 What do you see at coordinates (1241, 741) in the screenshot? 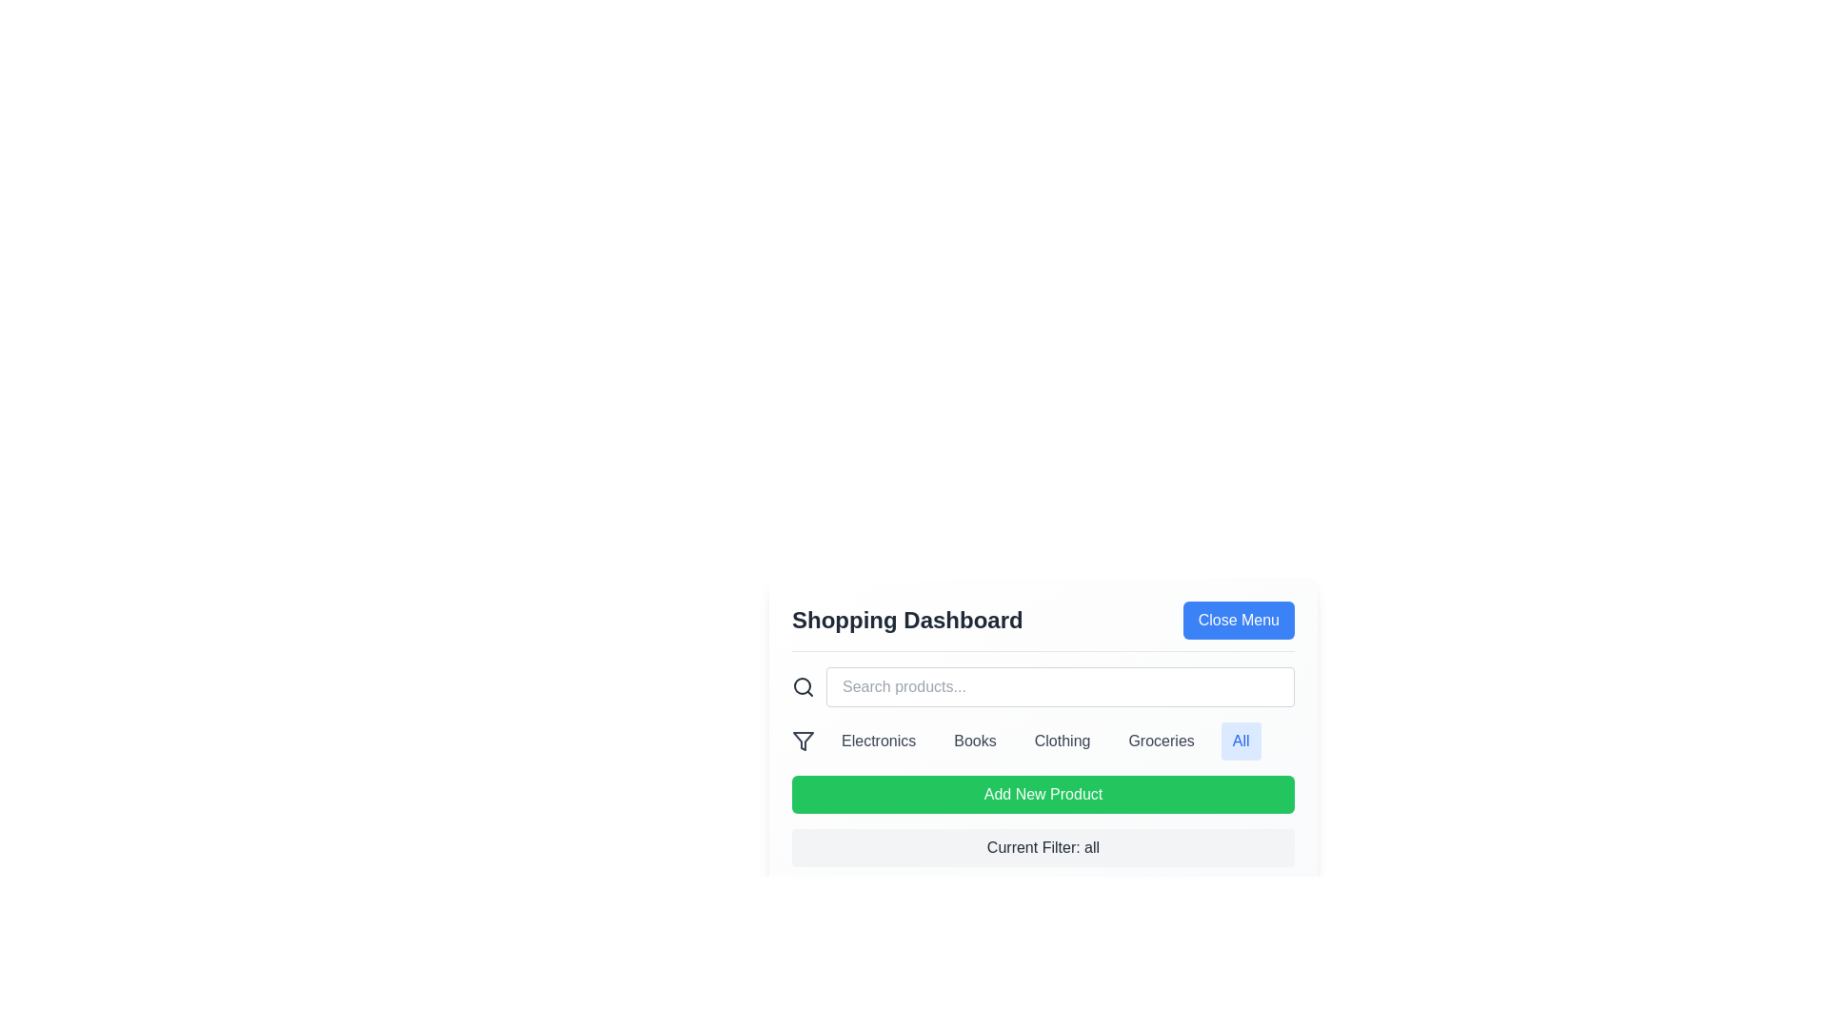
I see `the button labeled 'All', which has a light blue background and dark blue text, to trigger hover effects` at bounding box center [1241, 741].